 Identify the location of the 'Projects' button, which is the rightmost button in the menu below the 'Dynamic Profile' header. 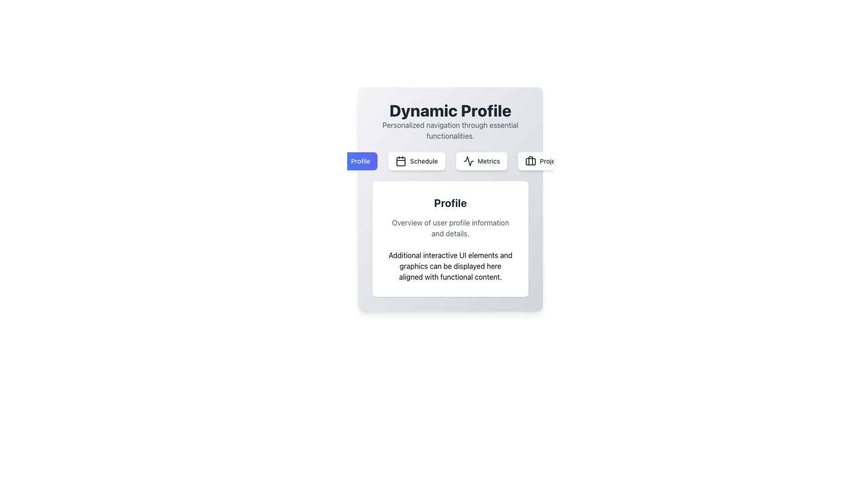
(544, 161).